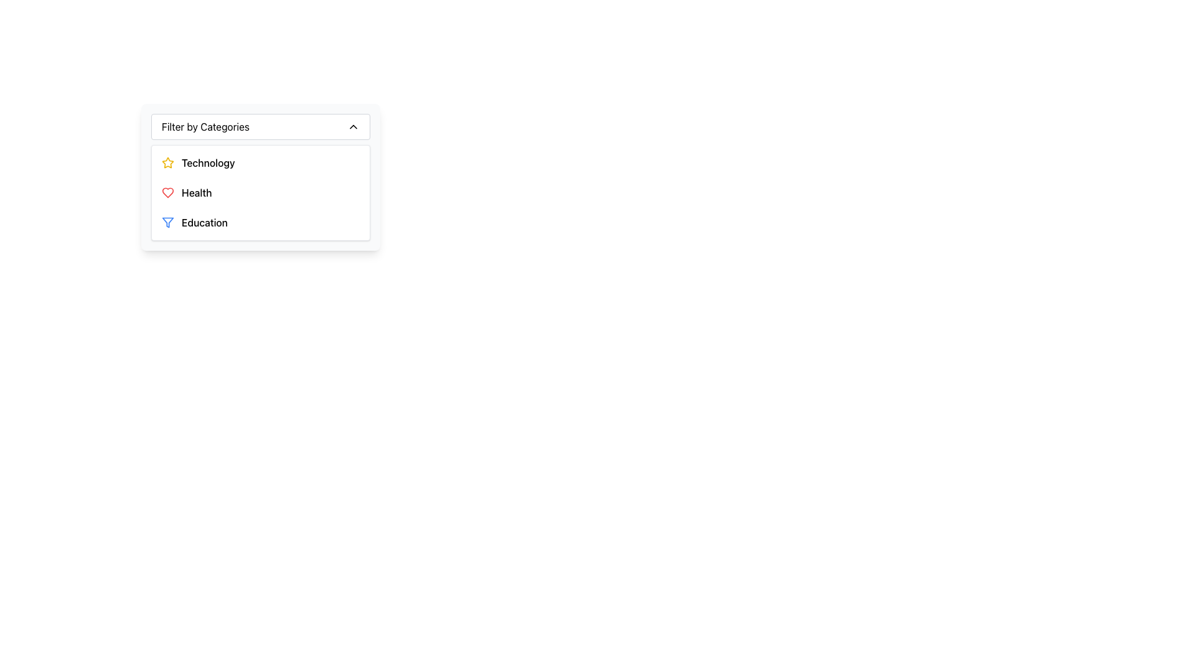 This screenshot has width=1195, height=672. Describe the element at coordinates (167, 192) in the screenshot. I see `the health category selection icon located to the left of the word 'Health' in the second item of the 'Filter by Categories' dropdown list` at that location.